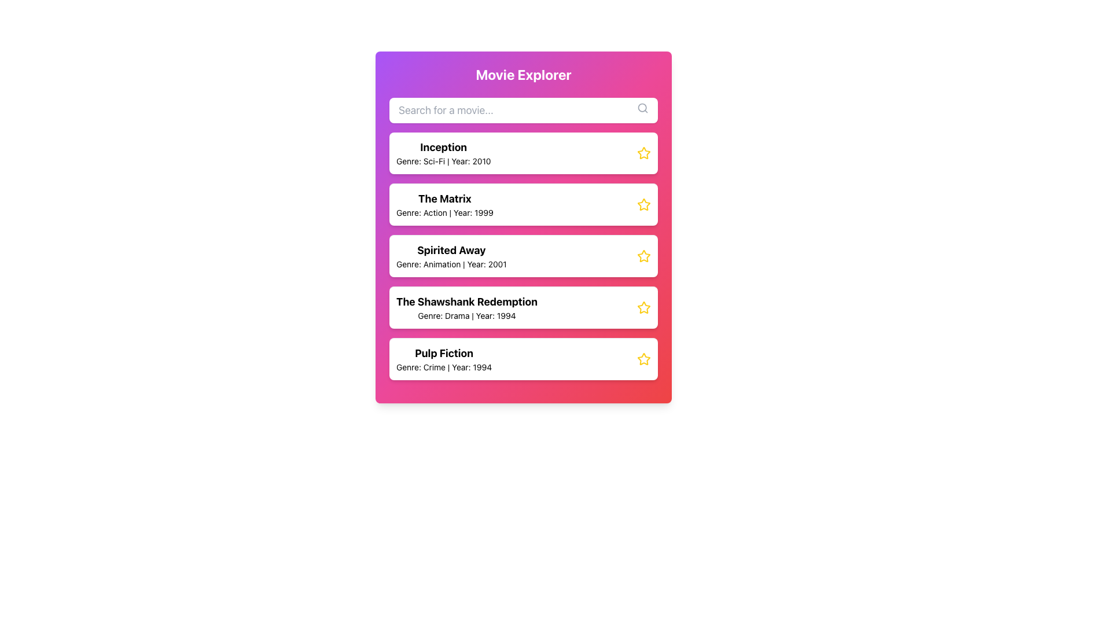  I want to click on the Star Icon located to the right of the text 'The Shawshank Redemption' for additional information, so click(643, 307).